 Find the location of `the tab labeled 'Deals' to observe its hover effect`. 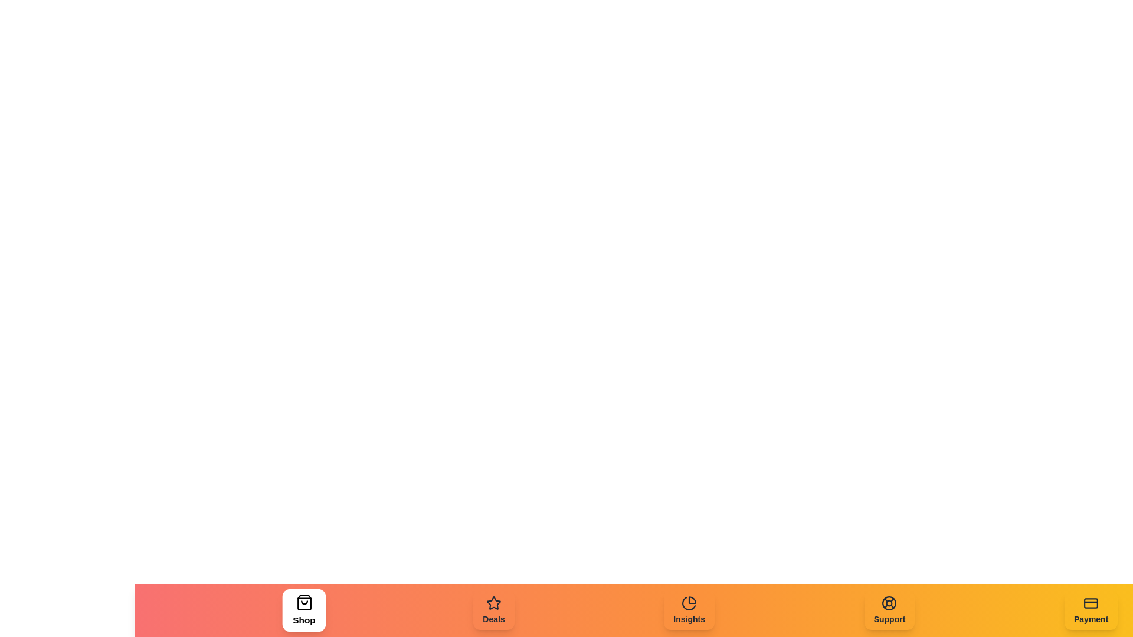

the tab labeled 'Deals' to observe its hover effect is located at coordinates (493, 610).